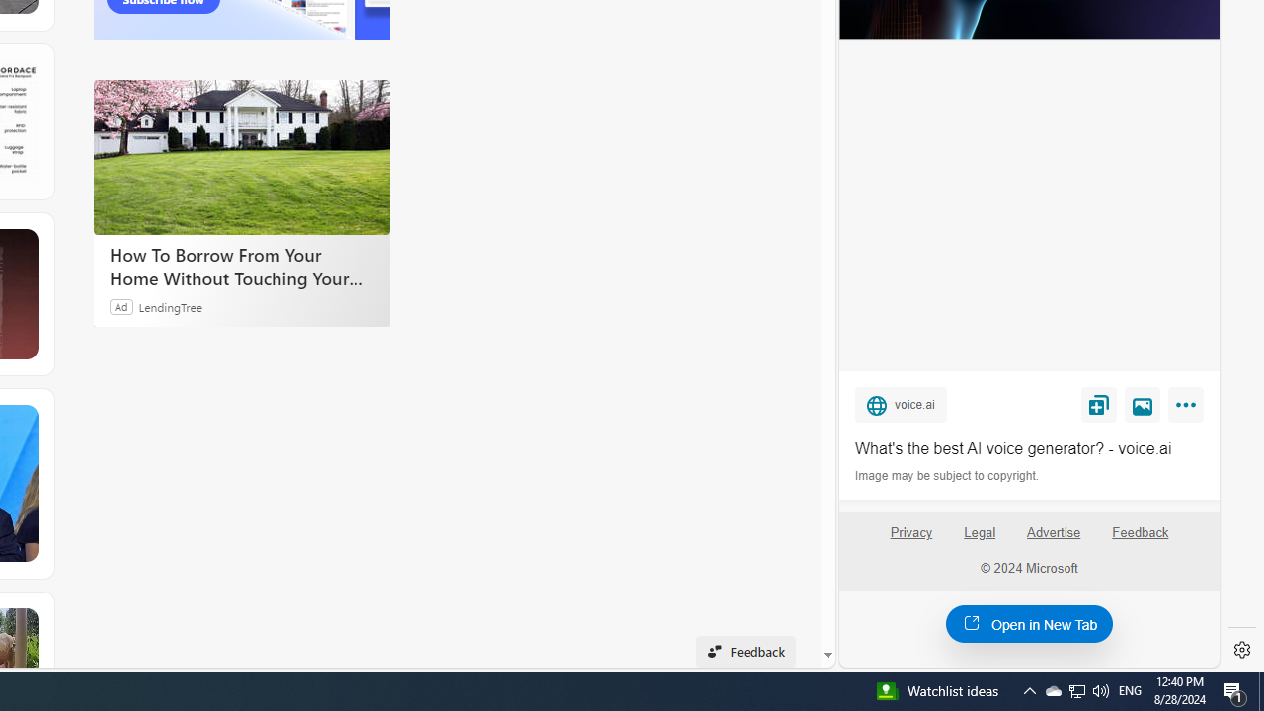 Image resolution: width=1264 pixels, height=711 pixels. What do you see at coordinates (1188, 407) in the screenshot?
I see `'More'` at bounding box center [1188, 407].